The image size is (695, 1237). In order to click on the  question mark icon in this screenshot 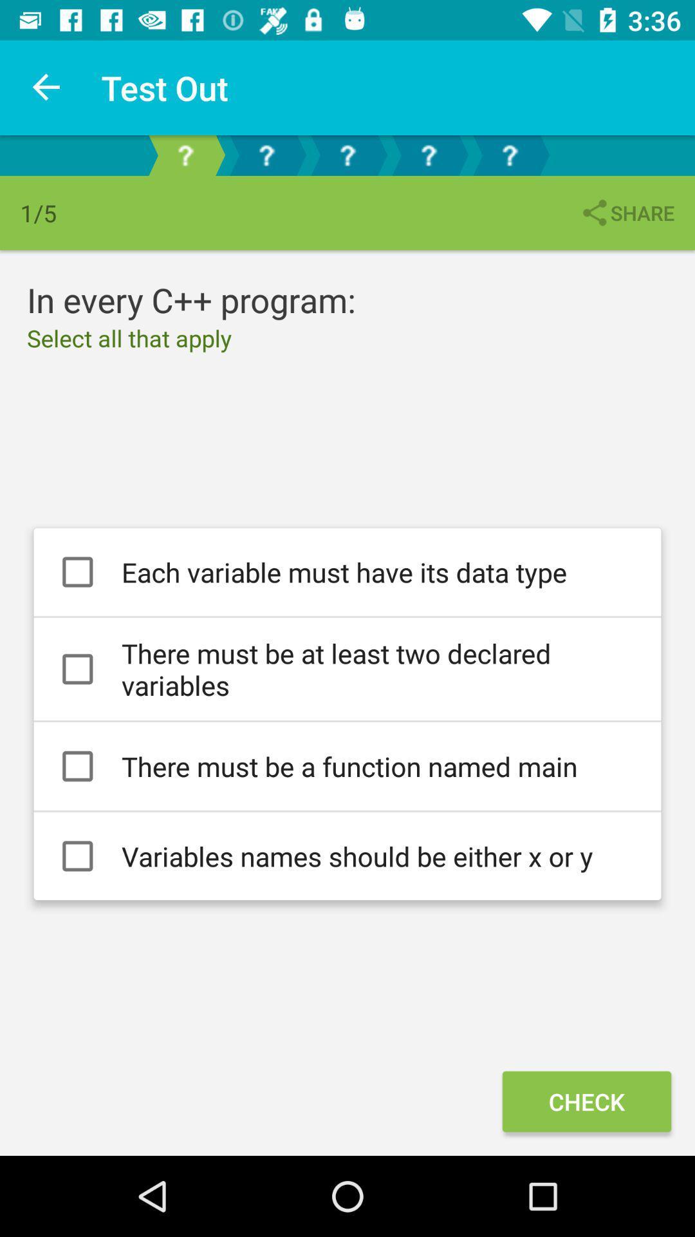, I will do `click(265, 155)`.